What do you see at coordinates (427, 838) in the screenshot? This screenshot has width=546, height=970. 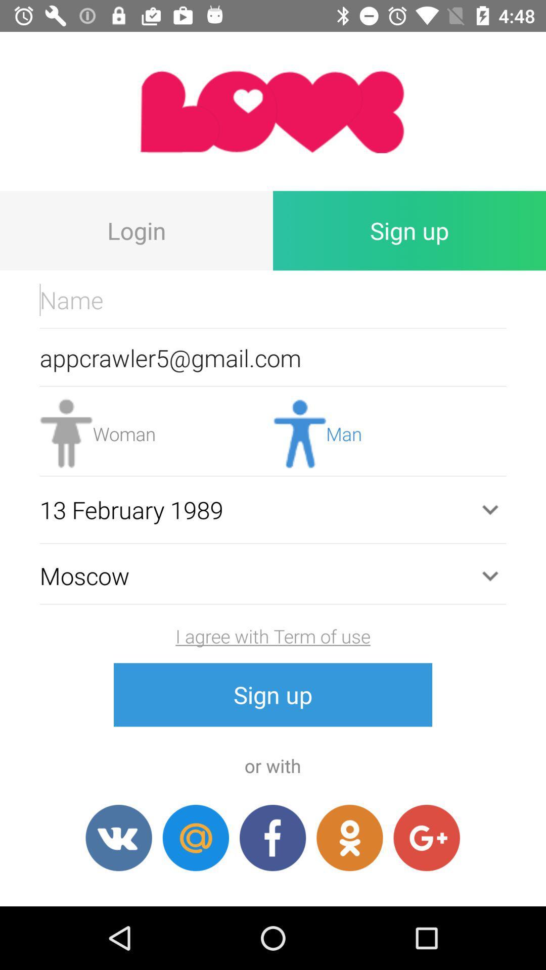 I see `sign in with google plus` at bounding box center [427, 838].